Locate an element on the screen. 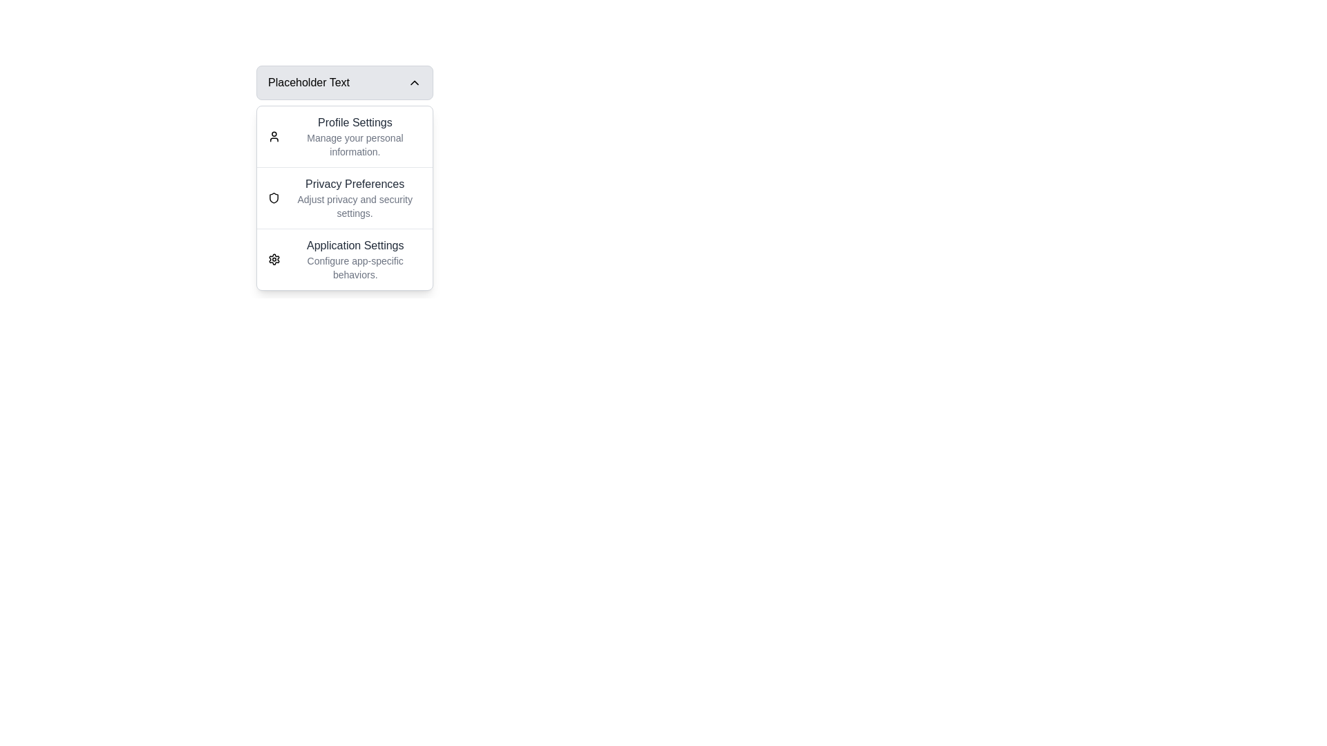 This screenshot has height=746, width=1327. the third menu item in the dropdown menu, located beneath 'Privacy Preferences' is located at coordinates (345, 258).